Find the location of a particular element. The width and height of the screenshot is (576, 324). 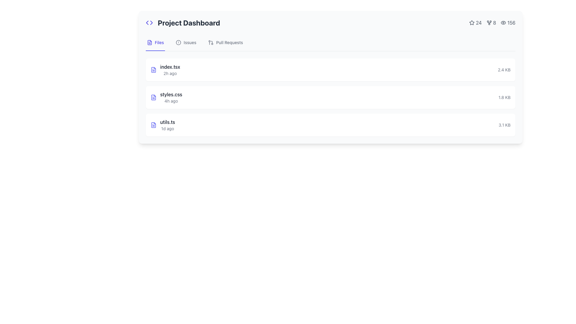

the third file card in the 'Files' section is located at coordinates (330, 124).